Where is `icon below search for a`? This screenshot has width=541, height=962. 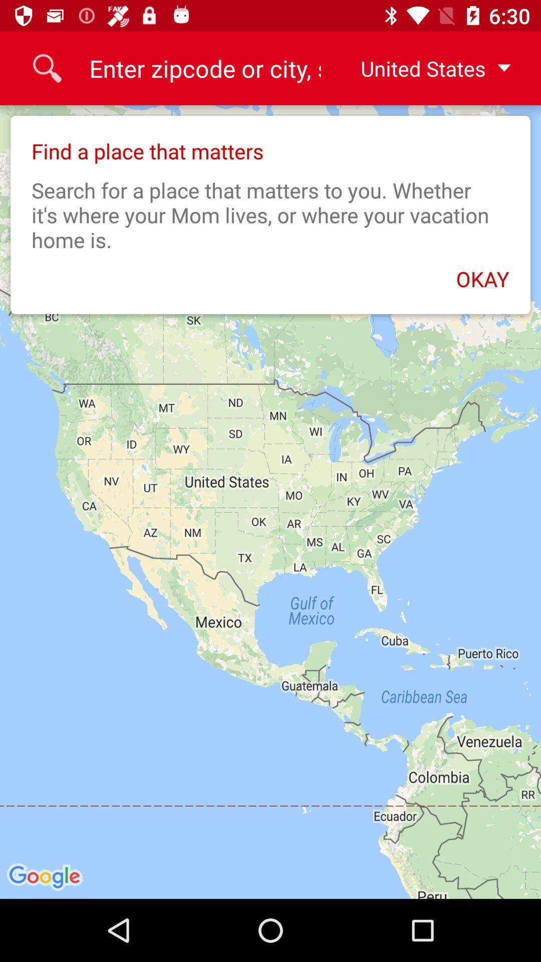
icon below search for a is located at coordinates (270, 274).